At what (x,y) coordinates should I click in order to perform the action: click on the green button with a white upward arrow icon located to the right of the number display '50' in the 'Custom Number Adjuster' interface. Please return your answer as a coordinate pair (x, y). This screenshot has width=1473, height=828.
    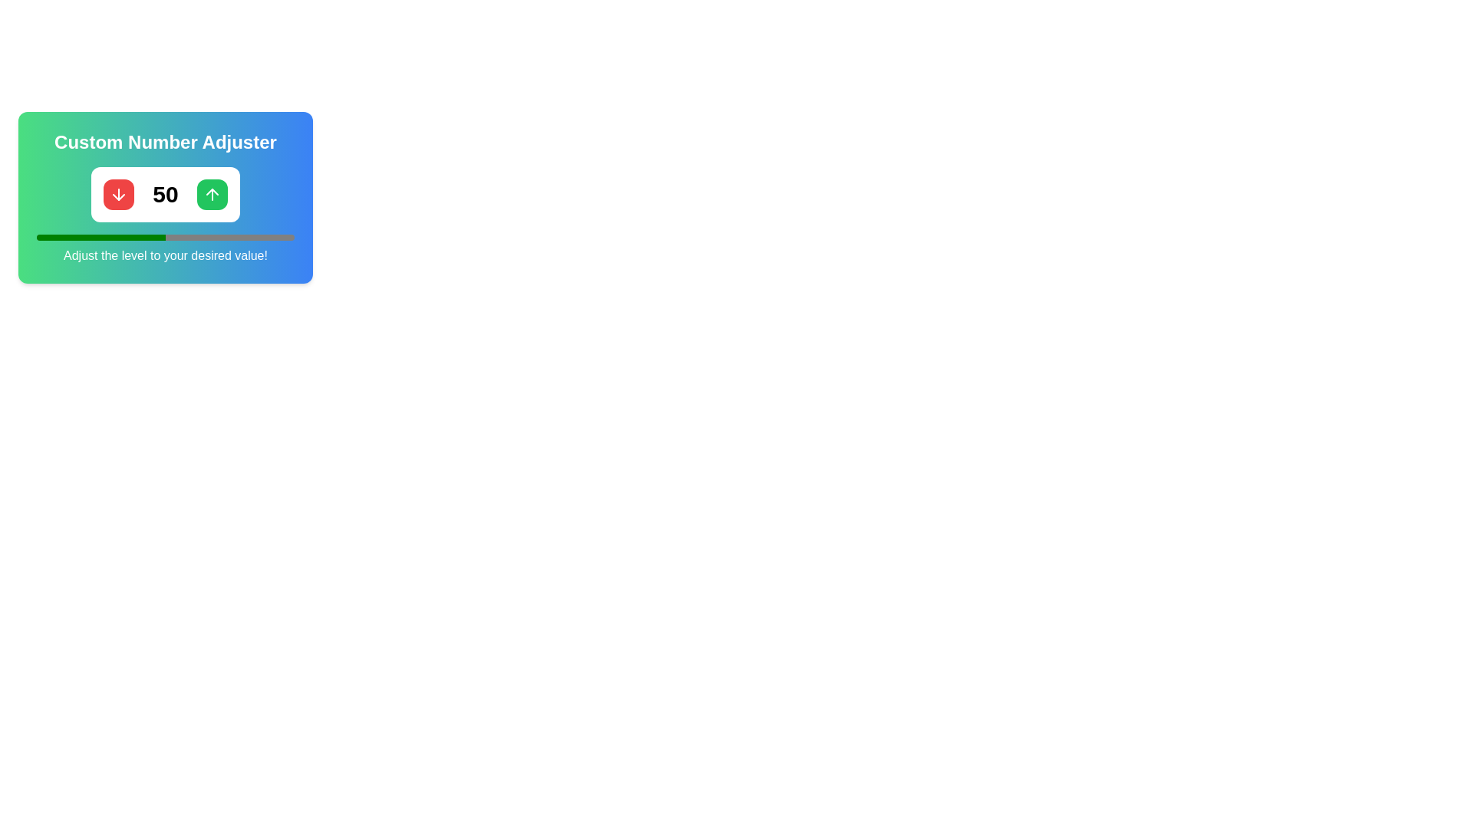
    Looking at the image, I should click on (211, 194).